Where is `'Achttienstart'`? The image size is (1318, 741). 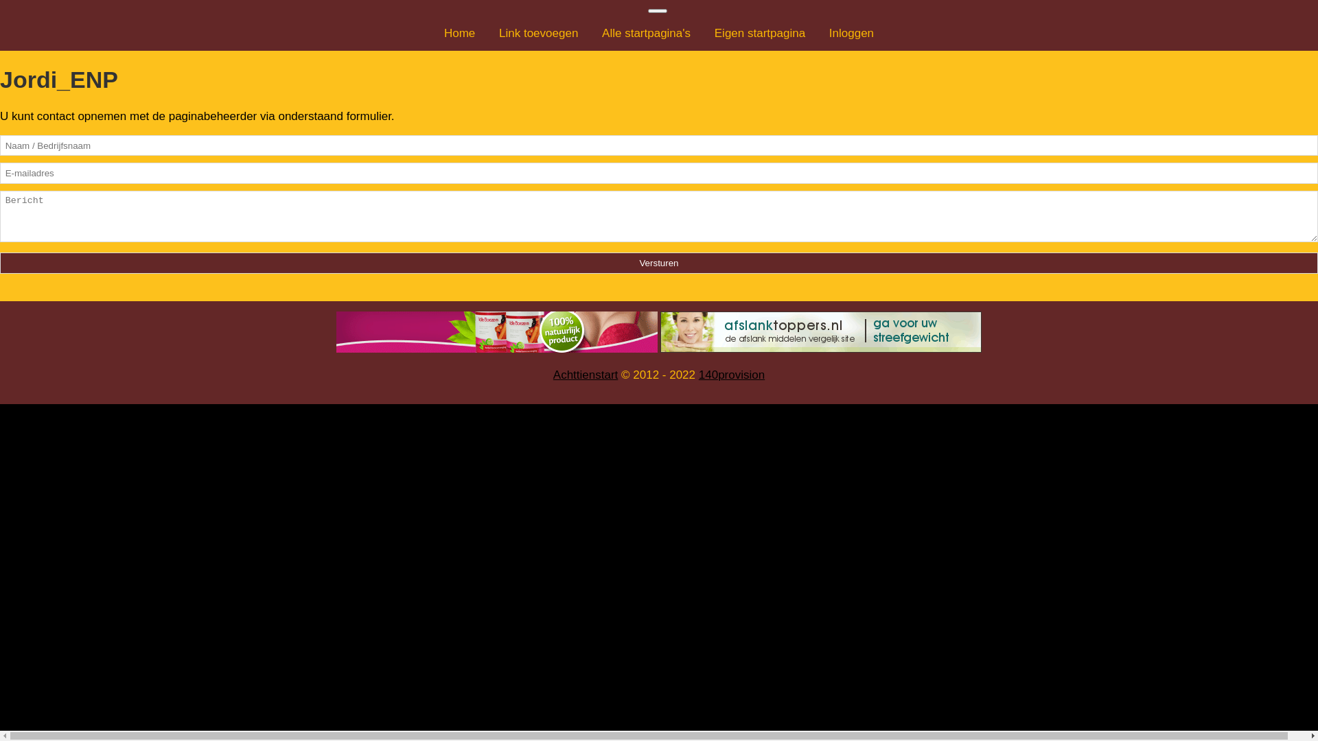
'Achttienstart' is located at coordinates (553, 375).